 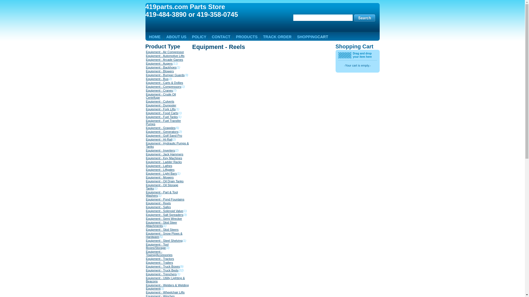 What do you see at coordinates (161, 105) in the screenshot?
I see `'Equipment - Dumpster'` at bounding box center [161, 105].